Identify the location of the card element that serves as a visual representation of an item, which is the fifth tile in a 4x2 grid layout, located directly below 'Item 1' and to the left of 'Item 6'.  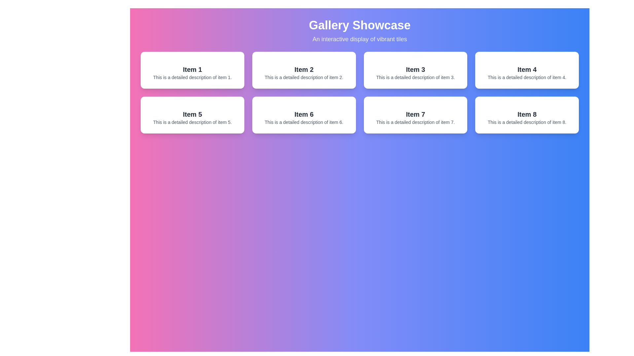
(192, 114).